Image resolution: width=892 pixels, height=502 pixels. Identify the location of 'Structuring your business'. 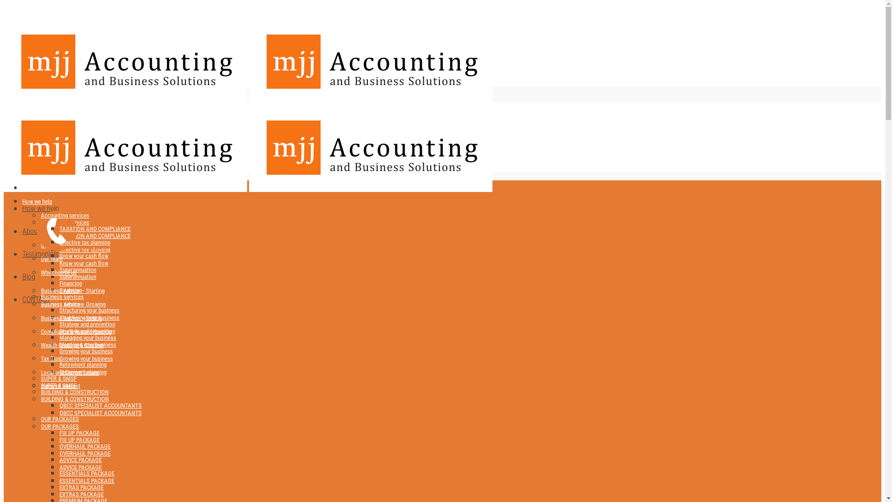
(59, 310).